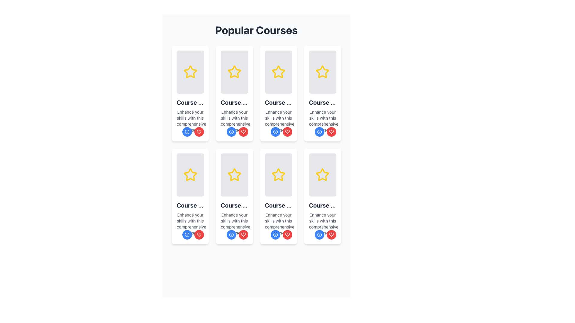  I want to click on the yellow star icon in the first row and third column of the course cards grid, so click(278, 71).